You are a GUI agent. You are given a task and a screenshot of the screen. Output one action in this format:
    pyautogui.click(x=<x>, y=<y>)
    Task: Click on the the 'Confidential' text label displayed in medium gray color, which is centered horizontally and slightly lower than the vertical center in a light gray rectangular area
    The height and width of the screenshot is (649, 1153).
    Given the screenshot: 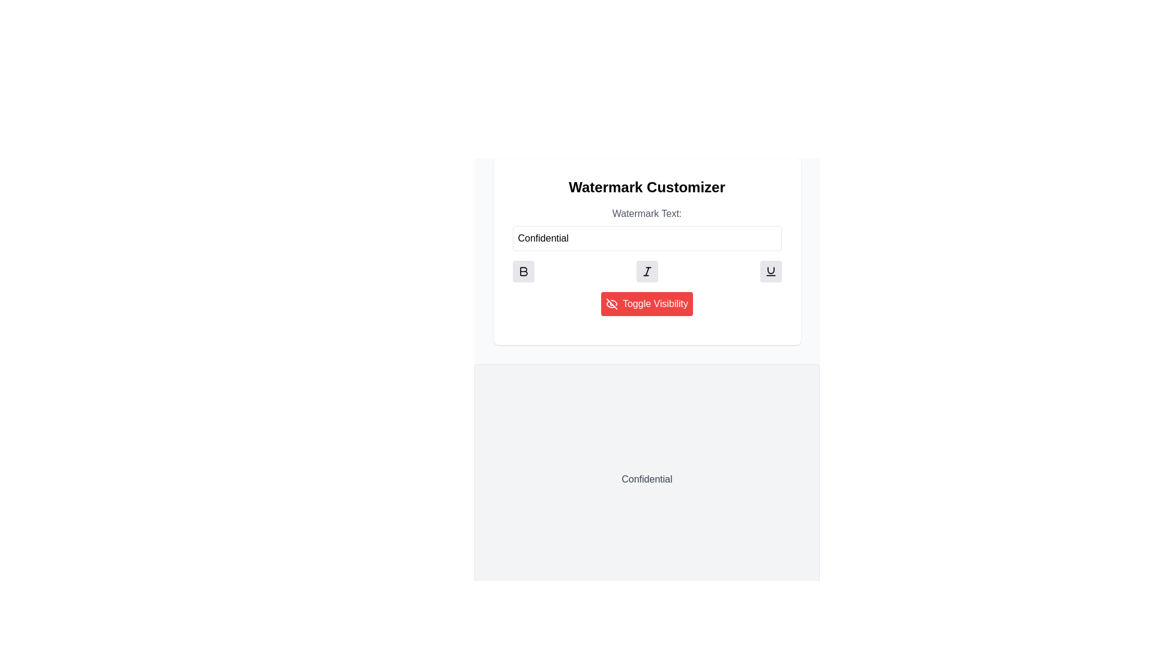 What is the action you would take?
    pyautogui.click(x=646, y=479)
    